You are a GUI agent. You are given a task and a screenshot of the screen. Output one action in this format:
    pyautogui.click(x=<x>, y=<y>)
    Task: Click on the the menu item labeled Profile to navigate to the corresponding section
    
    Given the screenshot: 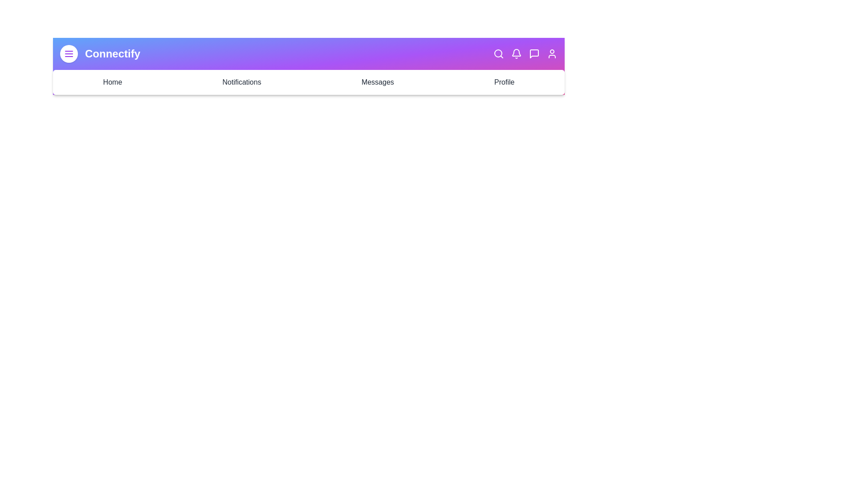 What is the action you would take?
    pyautogui.click(x=504, y=82)
    